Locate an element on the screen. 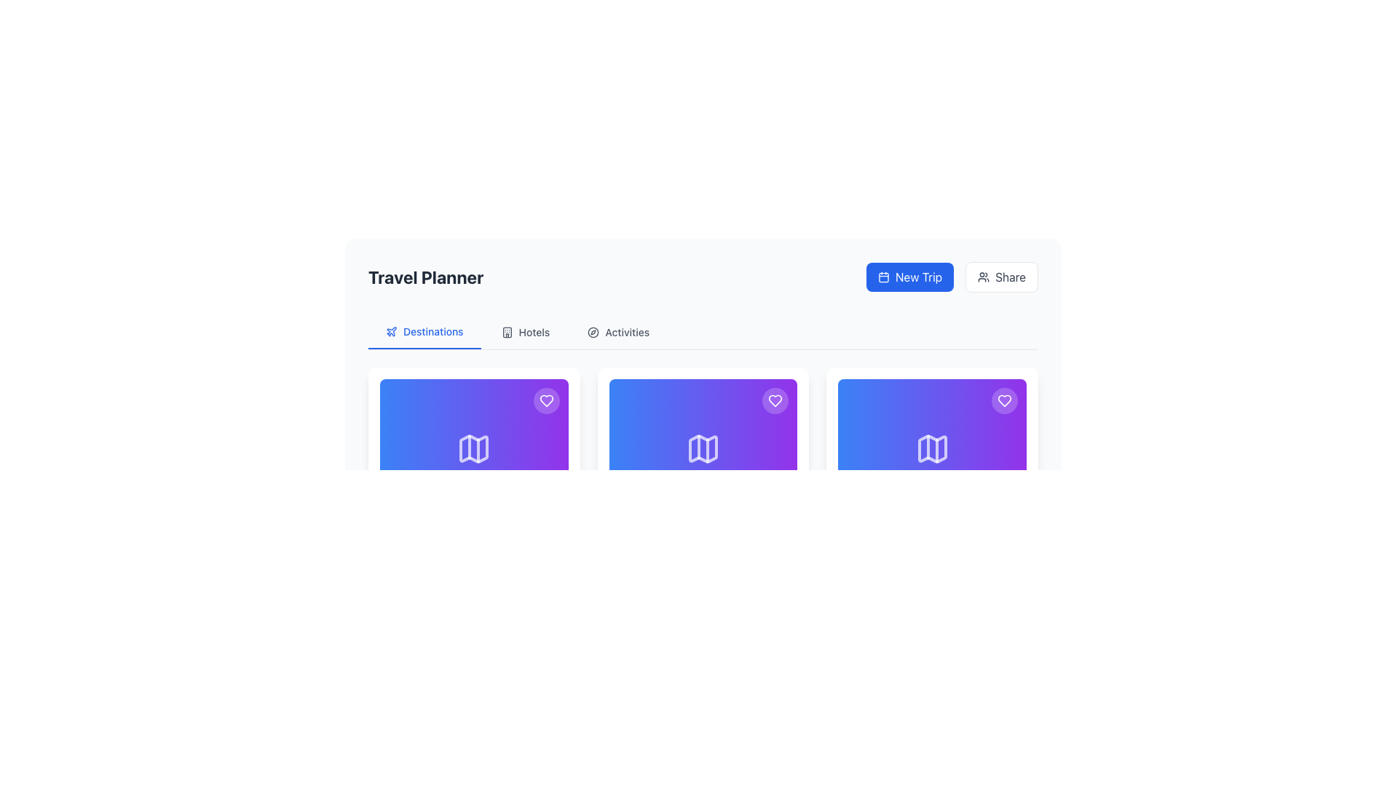 The height and width of the screenshot is (786, 1398). the second item in the navigation menu, located below 'Travel Planner' is located at coordinates (524, 332).